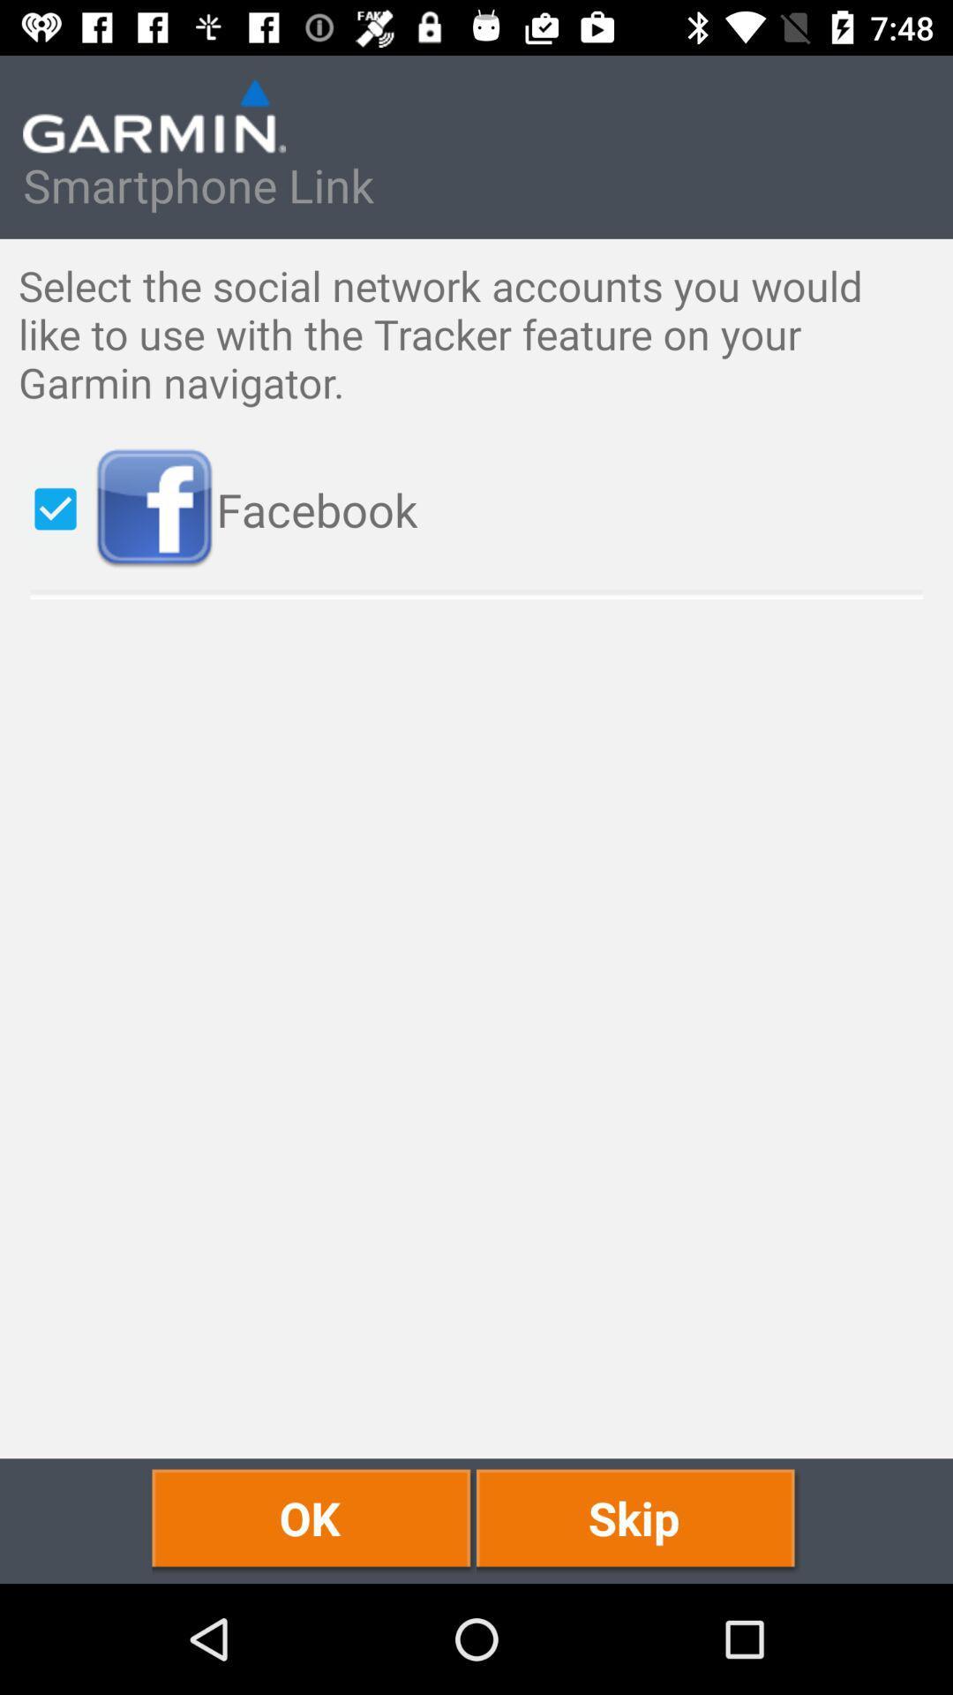  What do you see at coordinates (54, 508) in the screenshot?
I see `icon to the left of the facebook` at bounding box center [54, 508].